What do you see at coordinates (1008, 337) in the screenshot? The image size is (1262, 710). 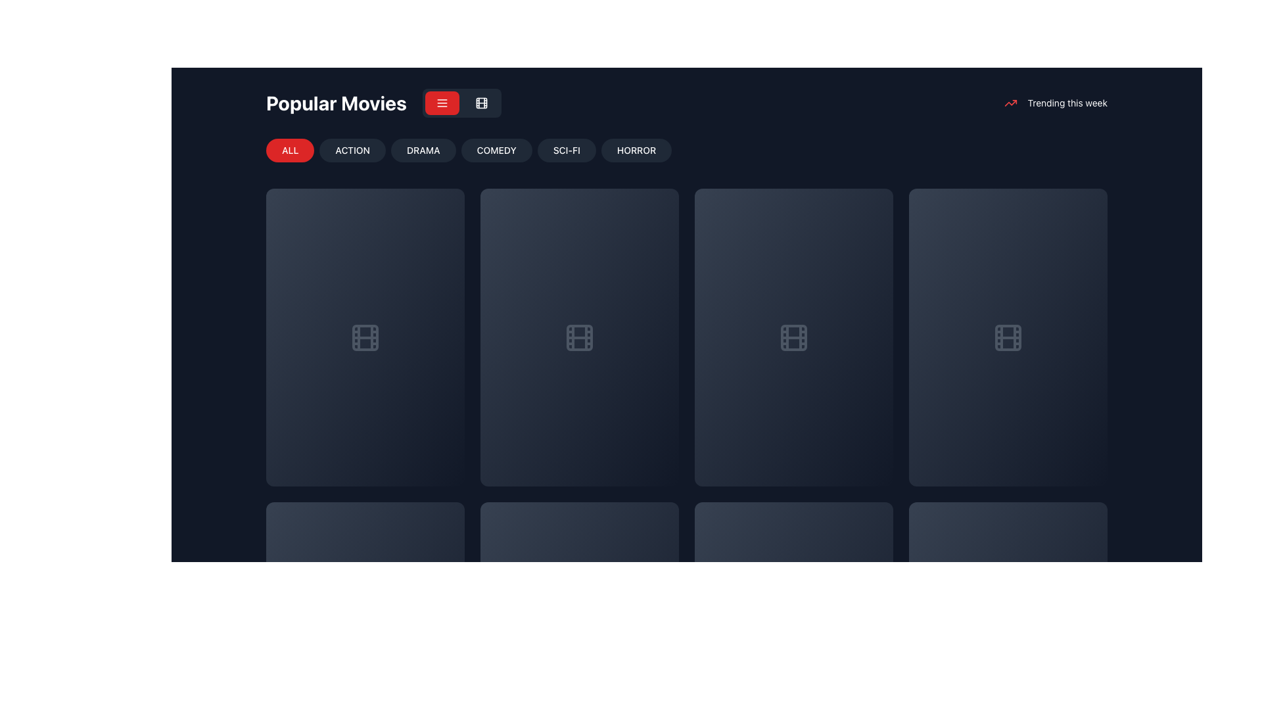 I see `the movie card located as the fourth item` at bounding box center [1008, 337].